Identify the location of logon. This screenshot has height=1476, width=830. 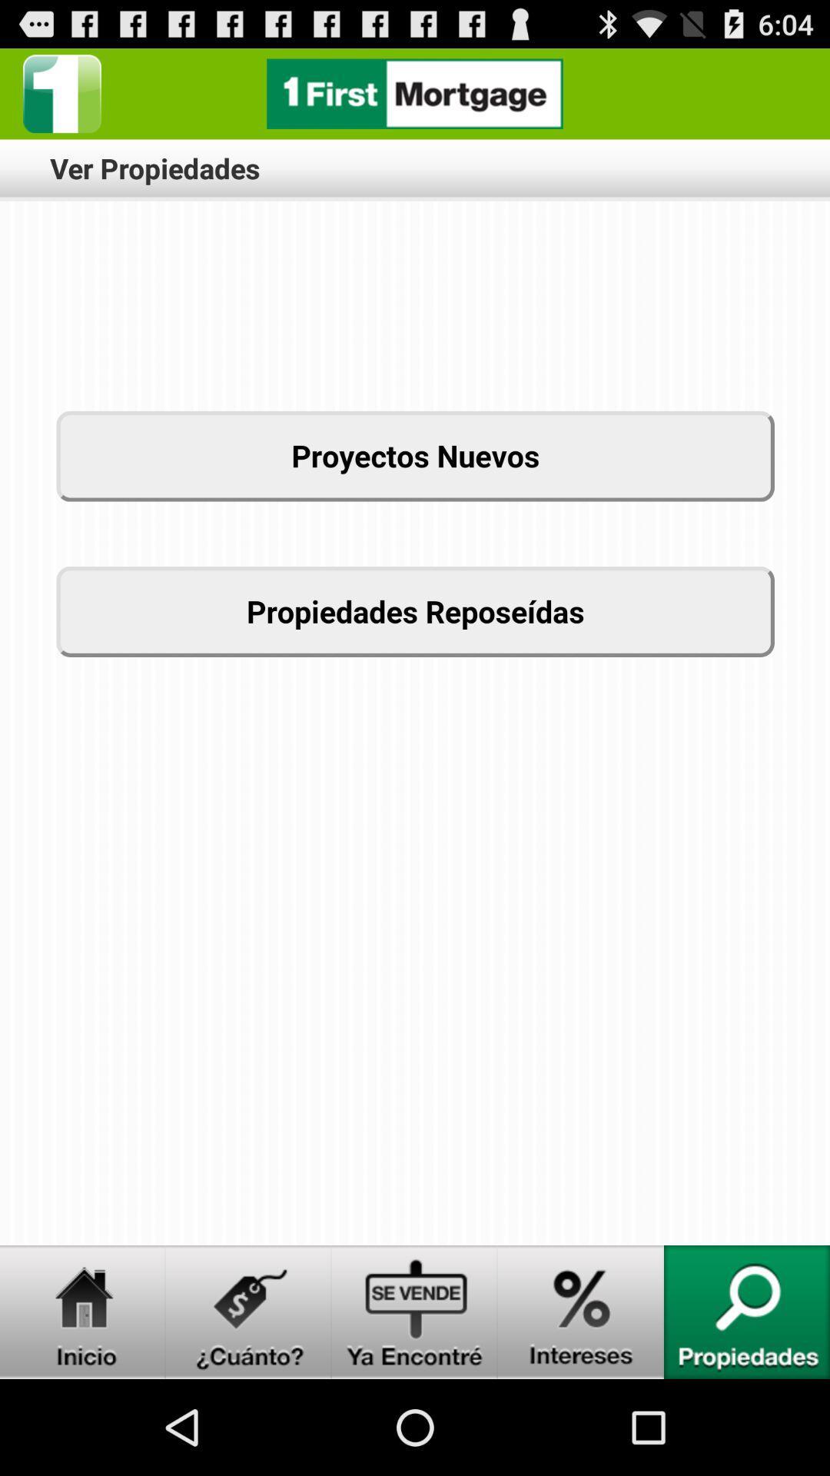
(415, 1311).